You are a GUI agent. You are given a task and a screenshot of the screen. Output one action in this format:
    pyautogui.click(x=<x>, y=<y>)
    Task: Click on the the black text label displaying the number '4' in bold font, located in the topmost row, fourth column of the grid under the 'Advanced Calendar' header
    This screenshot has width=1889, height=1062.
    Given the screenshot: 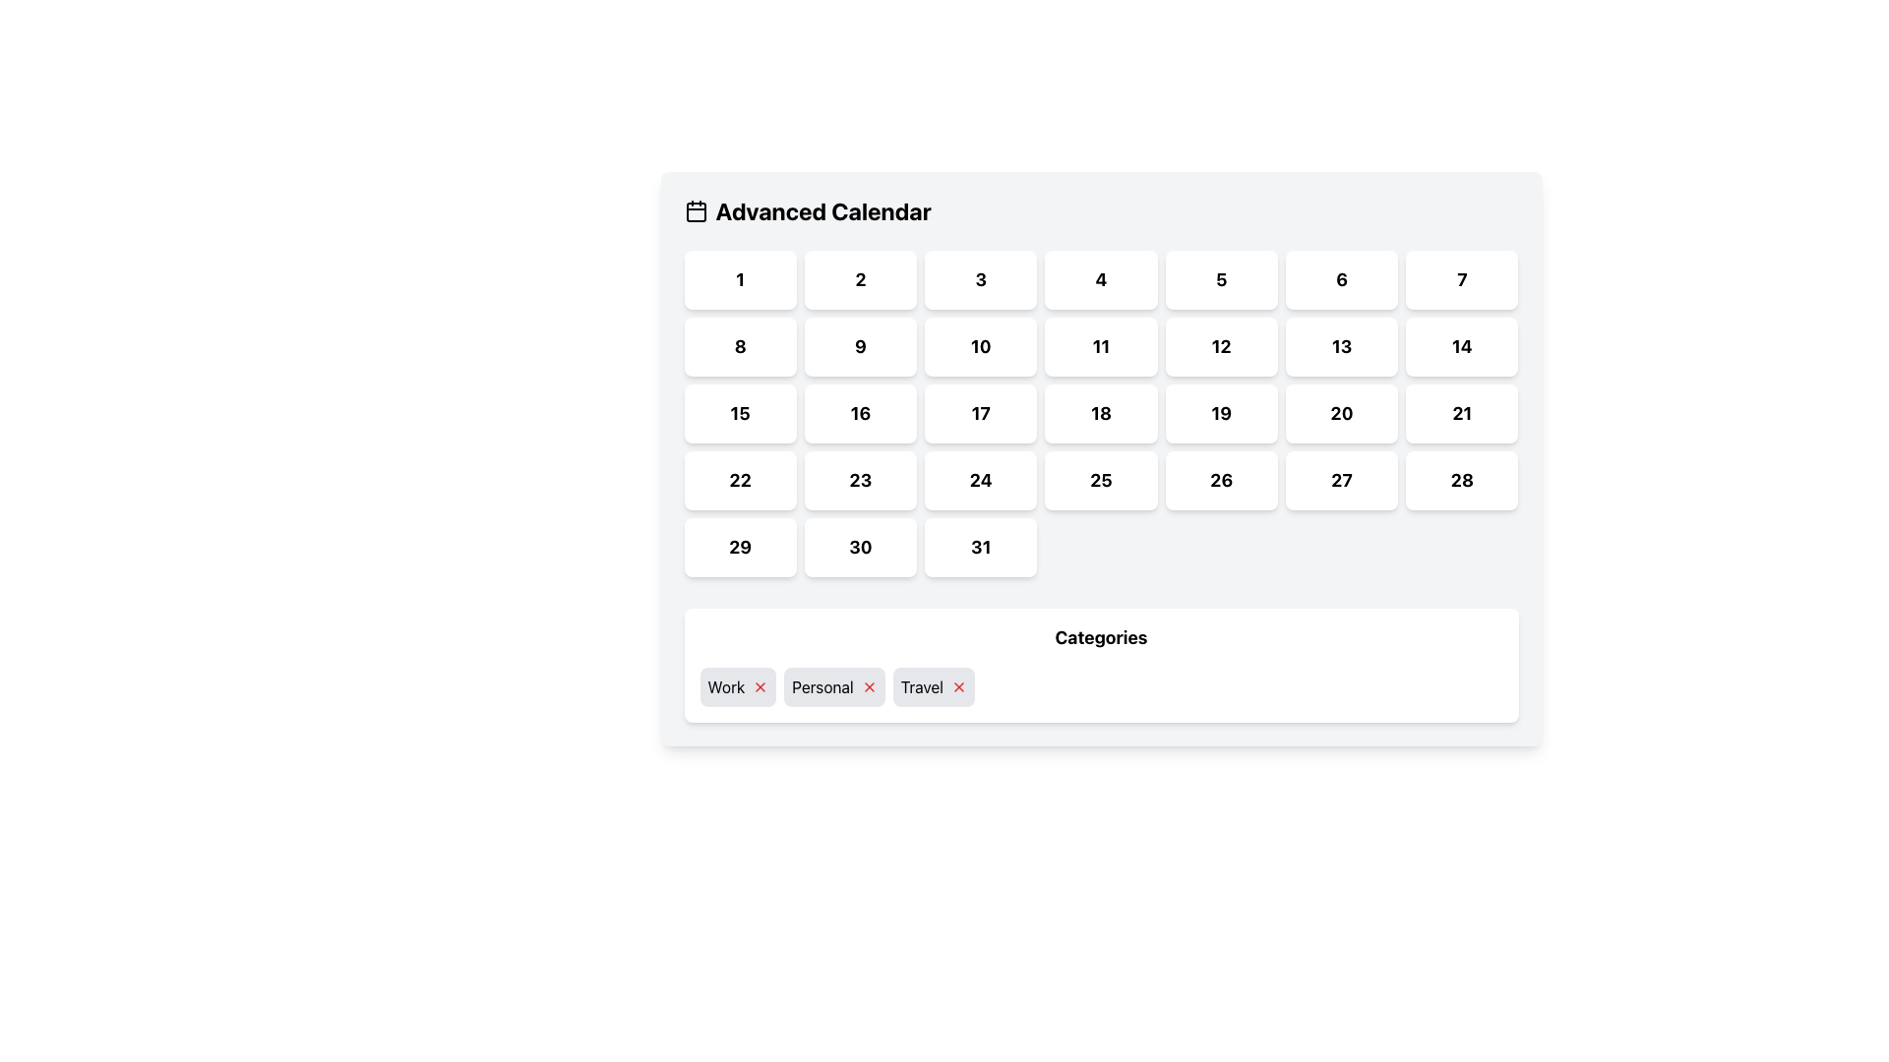 What is the action you would take?
    pyautogui.click(x=1100, y=279)
    